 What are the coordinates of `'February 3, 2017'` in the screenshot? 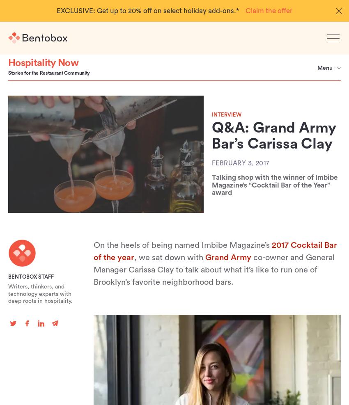 It's located at (240, 162).